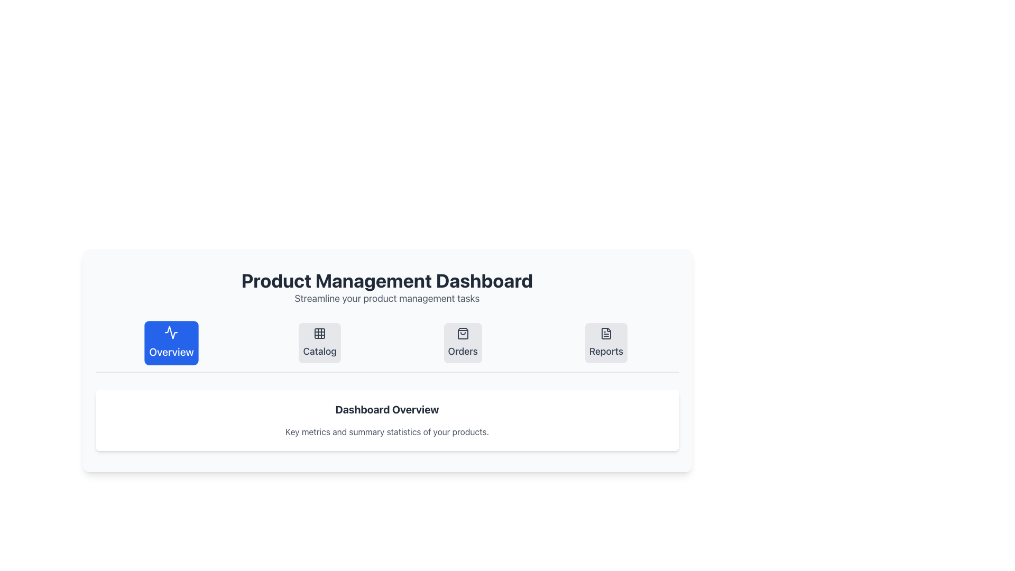  I want to click on the 'Reports' button in the horizontal navigation menu, so click(606, 343).